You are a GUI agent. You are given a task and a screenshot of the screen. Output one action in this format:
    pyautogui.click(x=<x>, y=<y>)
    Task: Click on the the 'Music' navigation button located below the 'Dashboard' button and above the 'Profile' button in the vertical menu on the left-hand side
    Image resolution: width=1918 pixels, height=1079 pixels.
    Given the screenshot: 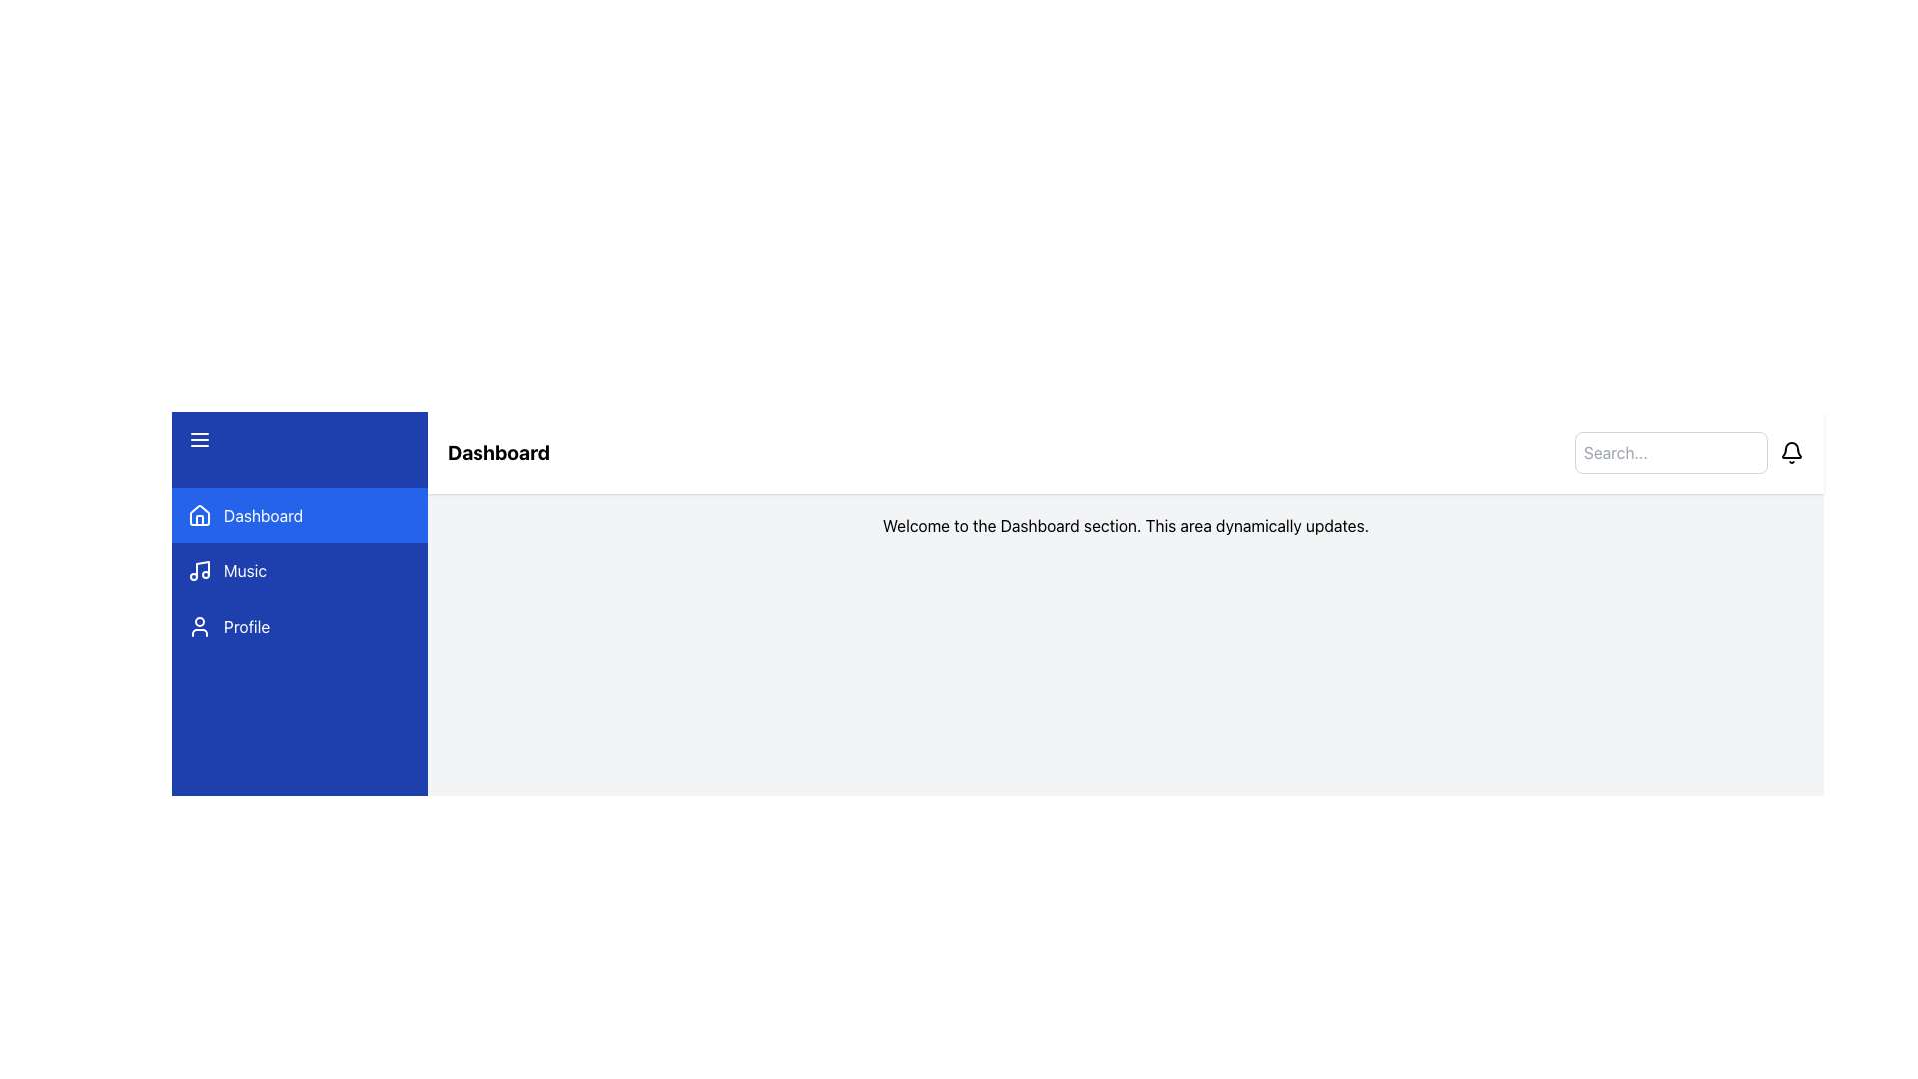 What is the action you would take?
    pyautogui.click(x=298, y=570)
    